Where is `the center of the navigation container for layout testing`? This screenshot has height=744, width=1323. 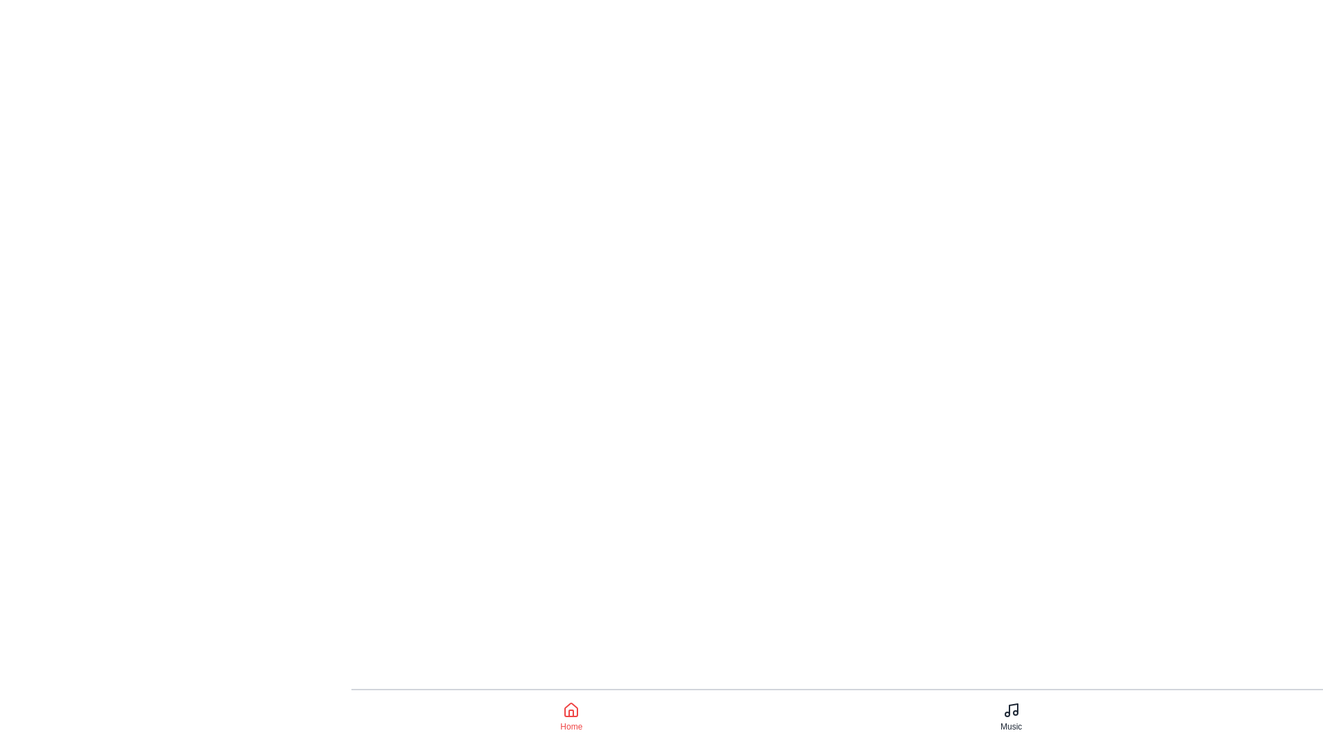 the center of the navigation container for layout testing is located at coordinates (1012, 716).